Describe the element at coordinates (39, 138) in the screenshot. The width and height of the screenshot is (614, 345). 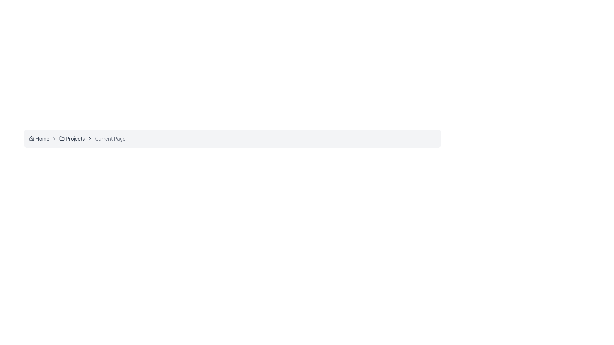
I see `the first hyperlink in the breadcrumb navigation bar located at the top left part of the navigation interface` at that location.